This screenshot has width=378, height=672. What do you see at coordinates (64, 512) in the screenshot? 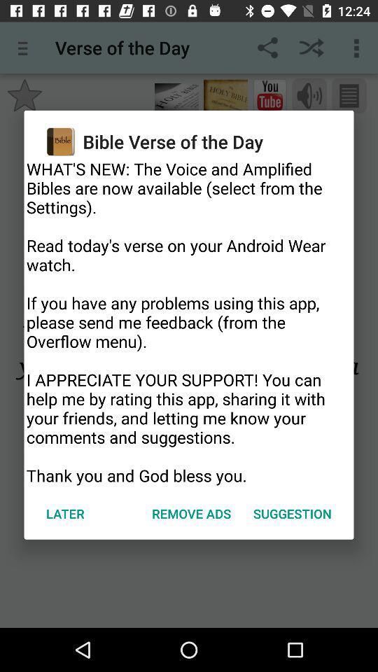
I see `item at the bottom left corner` at bounding box center [64, 512].